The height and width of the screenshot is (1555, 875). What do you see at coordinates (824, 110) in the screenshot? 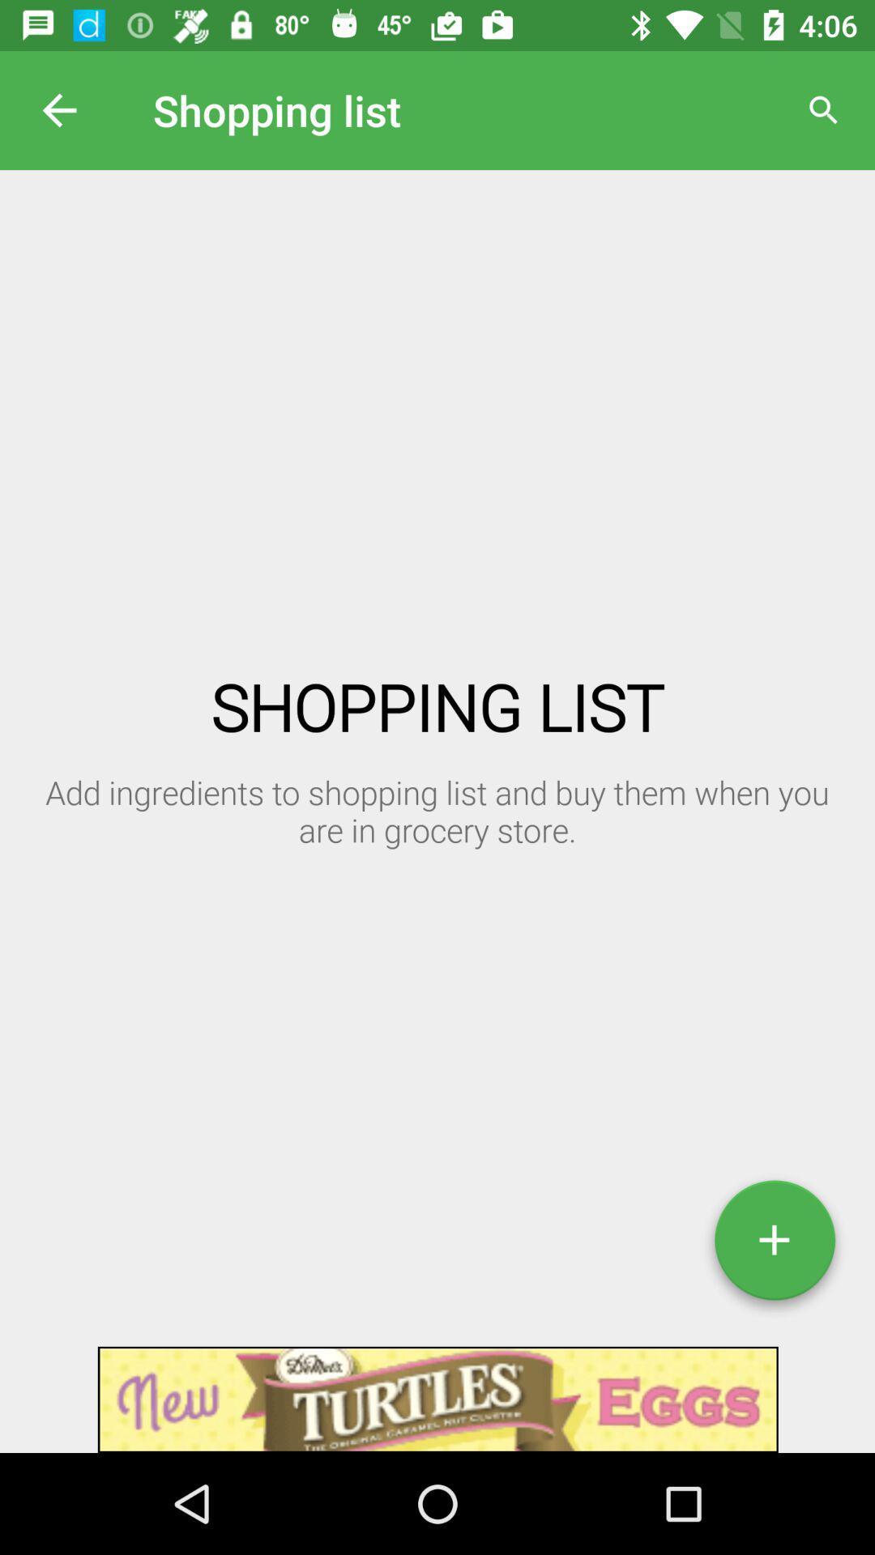
I see `search bar icon` at bounding box center [824, 110].